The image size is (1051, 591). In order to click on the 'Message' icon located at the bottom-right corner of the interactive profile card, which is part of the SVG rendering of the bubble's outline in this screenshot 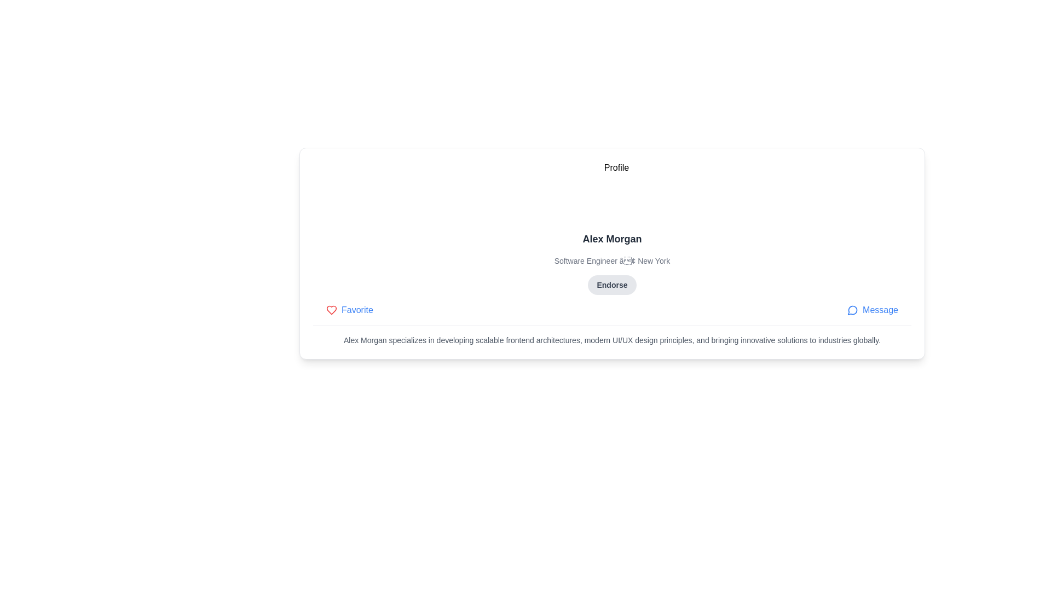, I will do `click(852, 310)`.